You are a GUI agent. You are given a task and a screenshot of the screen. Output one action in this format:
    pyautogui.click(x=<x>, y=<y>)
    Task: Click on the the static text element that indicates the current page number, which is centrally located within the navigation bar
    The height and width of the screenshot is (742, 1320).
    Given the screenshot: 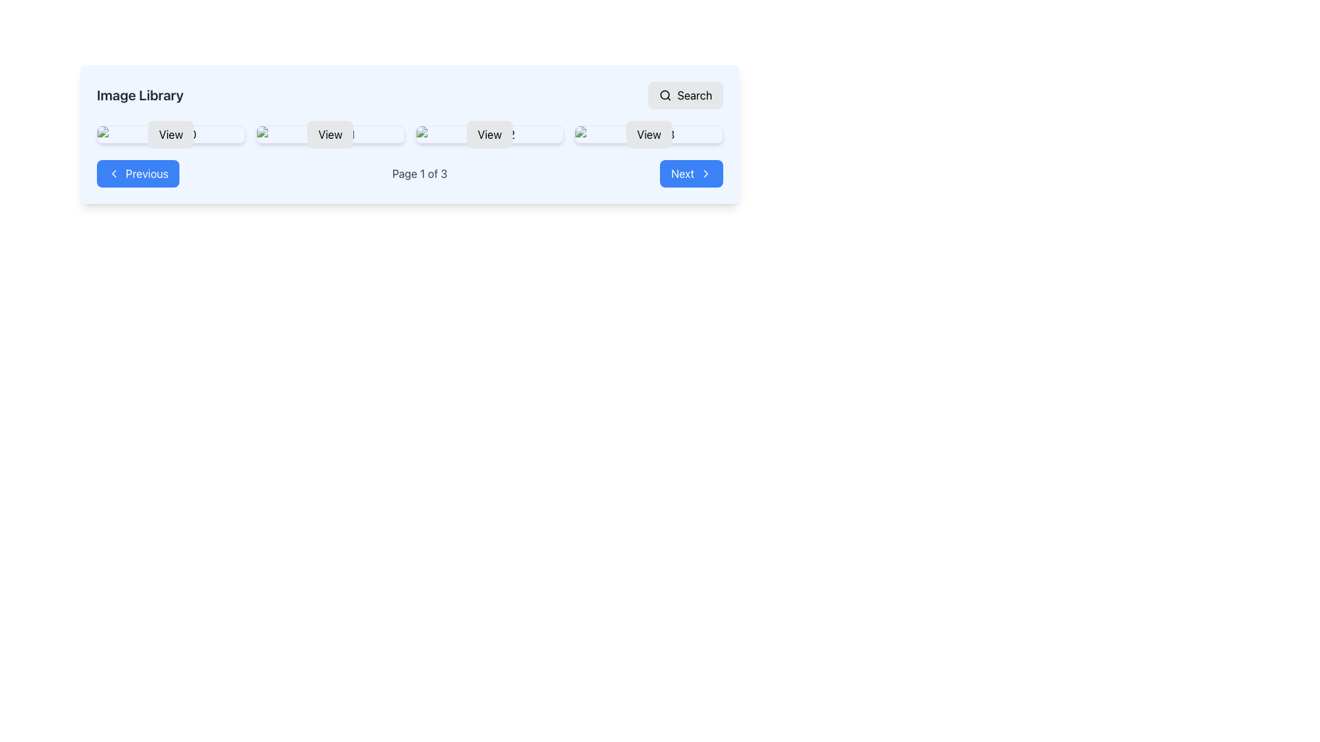 What is the action you would take?
    pyautogui.click(x=419, y=173)
    